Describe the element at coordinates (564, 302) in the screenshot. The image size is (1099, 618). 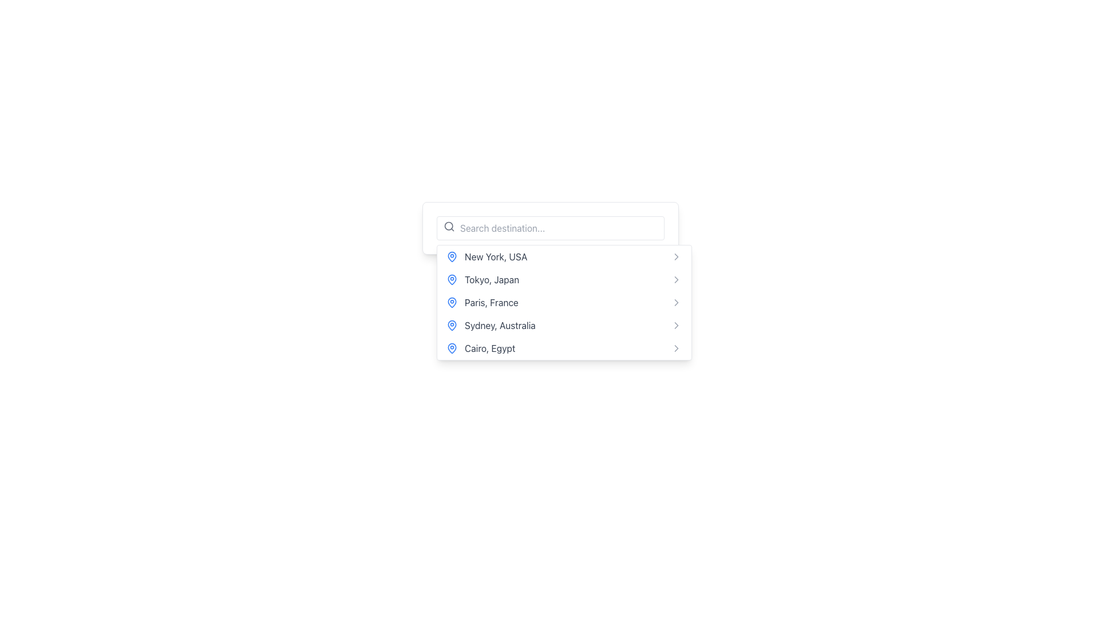
I see `the dropdown menu entry displaying 'Paris, France'` at that location.